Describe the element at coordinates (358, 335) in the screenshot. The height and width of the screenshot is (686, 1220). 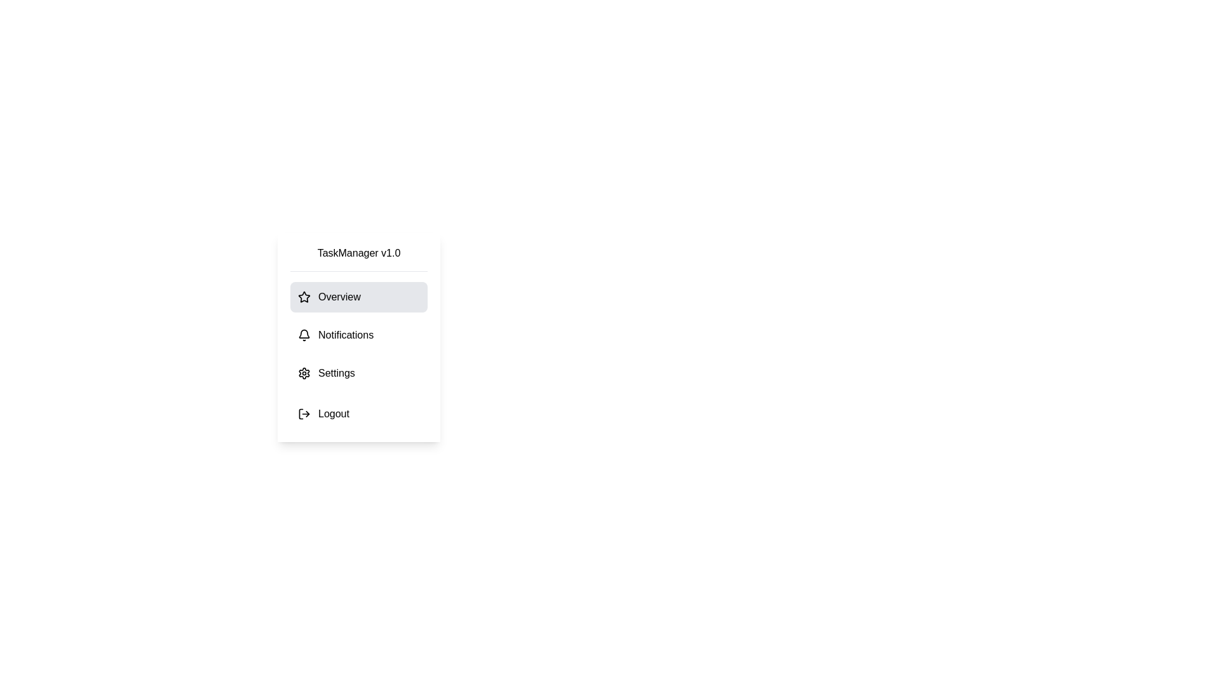
I see `the notifications button located in the white sidebar panel` at that location.